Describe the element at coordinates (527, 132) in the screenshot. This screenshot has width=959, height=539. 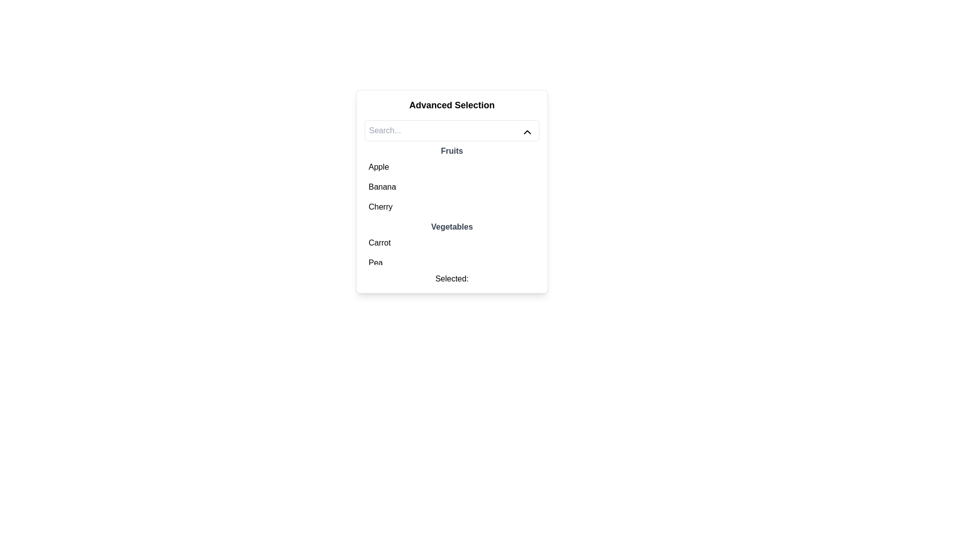
I see `the small, black, downward-pointing chevron icon located at the top-right corner of the search input box` at that location.